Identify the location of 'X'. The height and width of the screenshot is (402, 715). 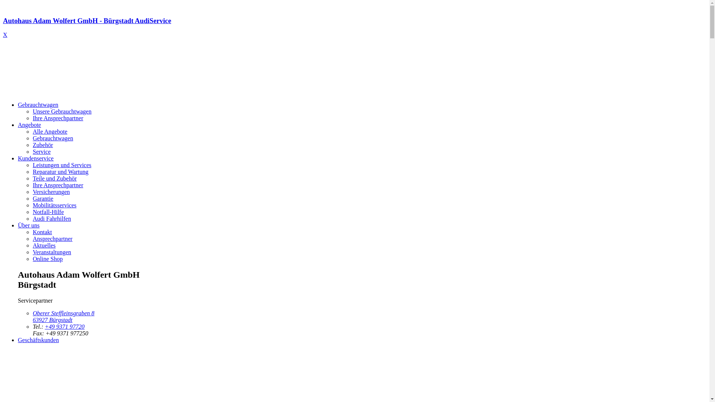
(5, 35).